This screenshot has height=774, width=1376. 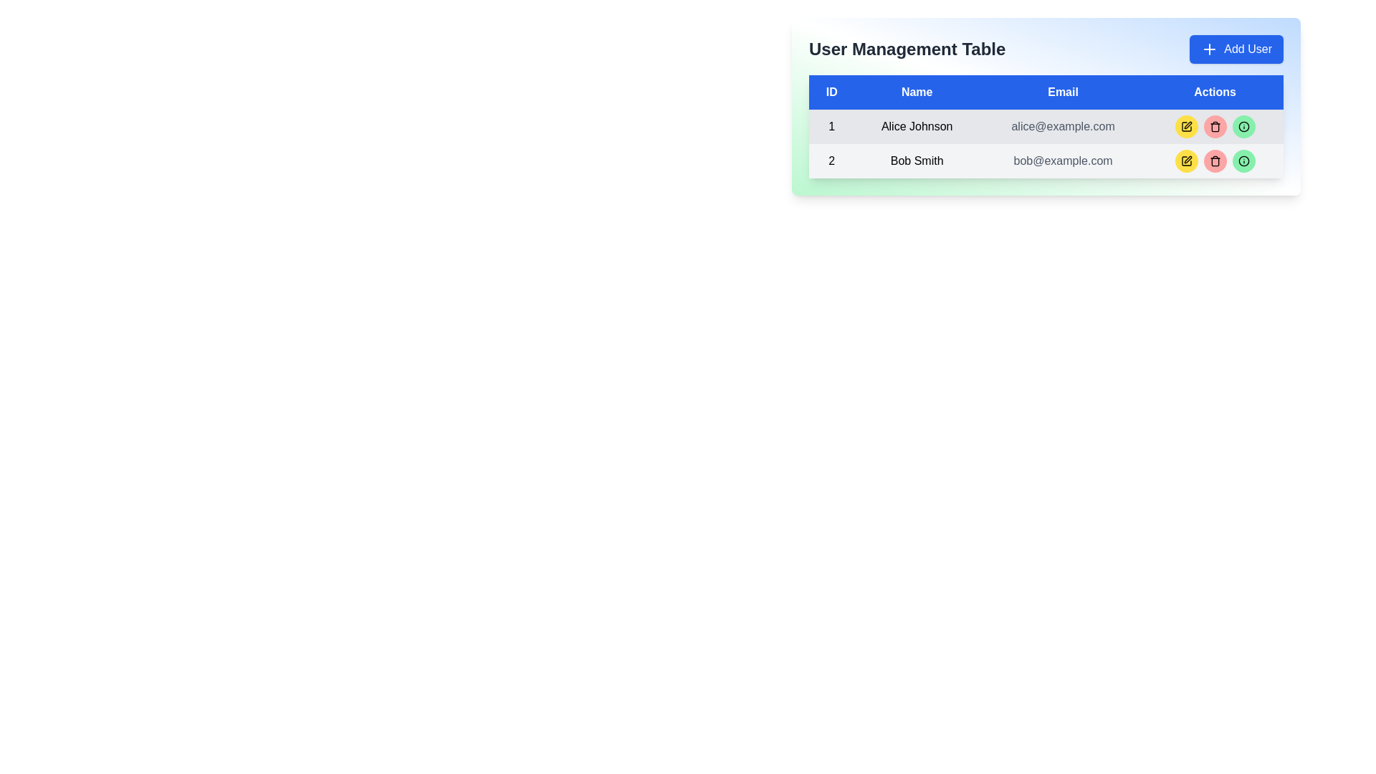 What do you see at coordinates (1188, 160) in the screenshot?
I see `the edit icon embedded in the yellow circular button in the 'Actions' column of the user management table for the user 'Bob Smith'` at bounding box center [1188, 160].